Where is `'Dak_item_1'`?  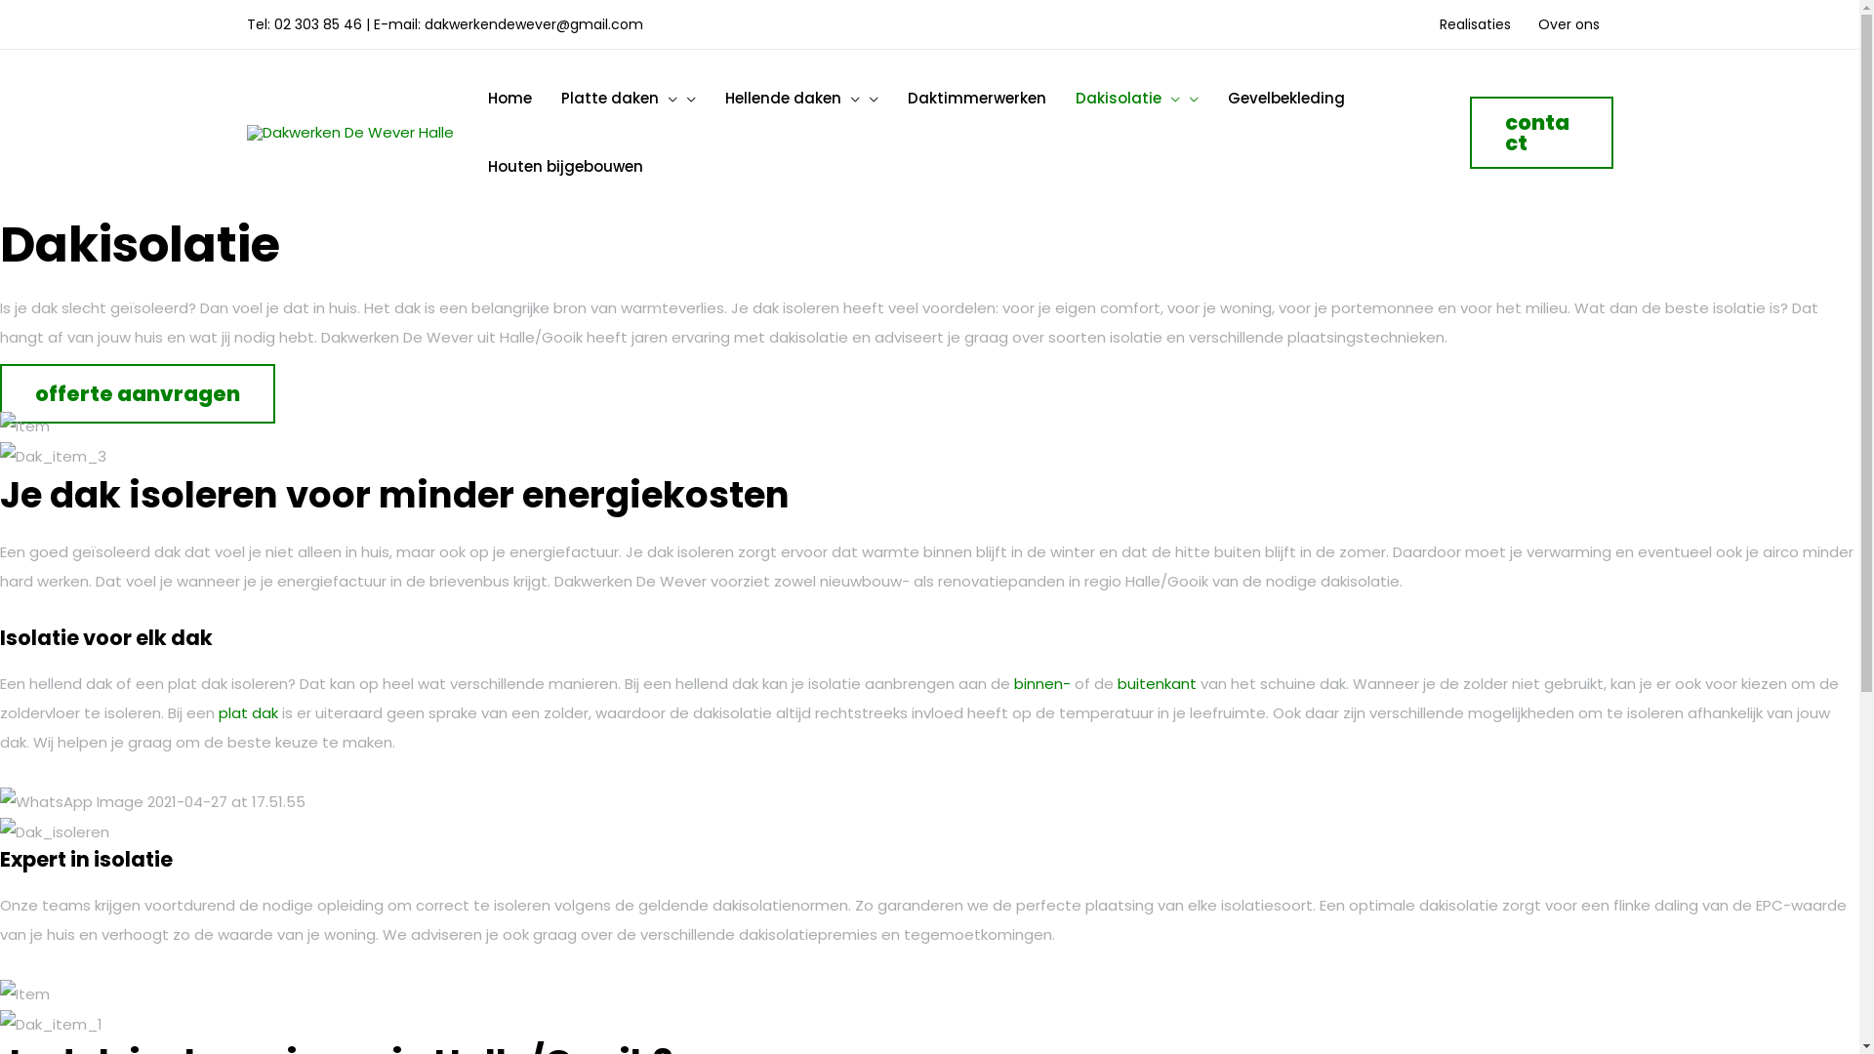 'Dak_item_1' is located at coordinates (0, 1023).